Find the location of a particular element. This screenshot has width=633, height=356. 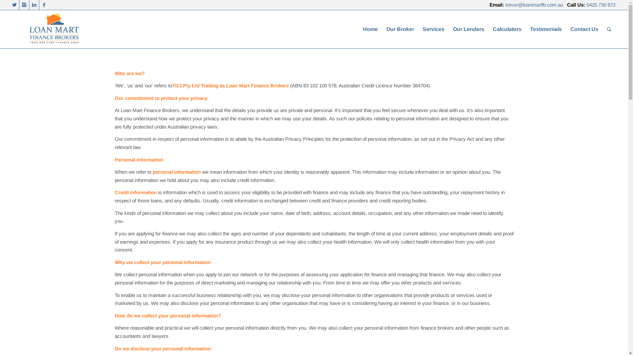

'Facebook' is located at coordinates (44, 5).